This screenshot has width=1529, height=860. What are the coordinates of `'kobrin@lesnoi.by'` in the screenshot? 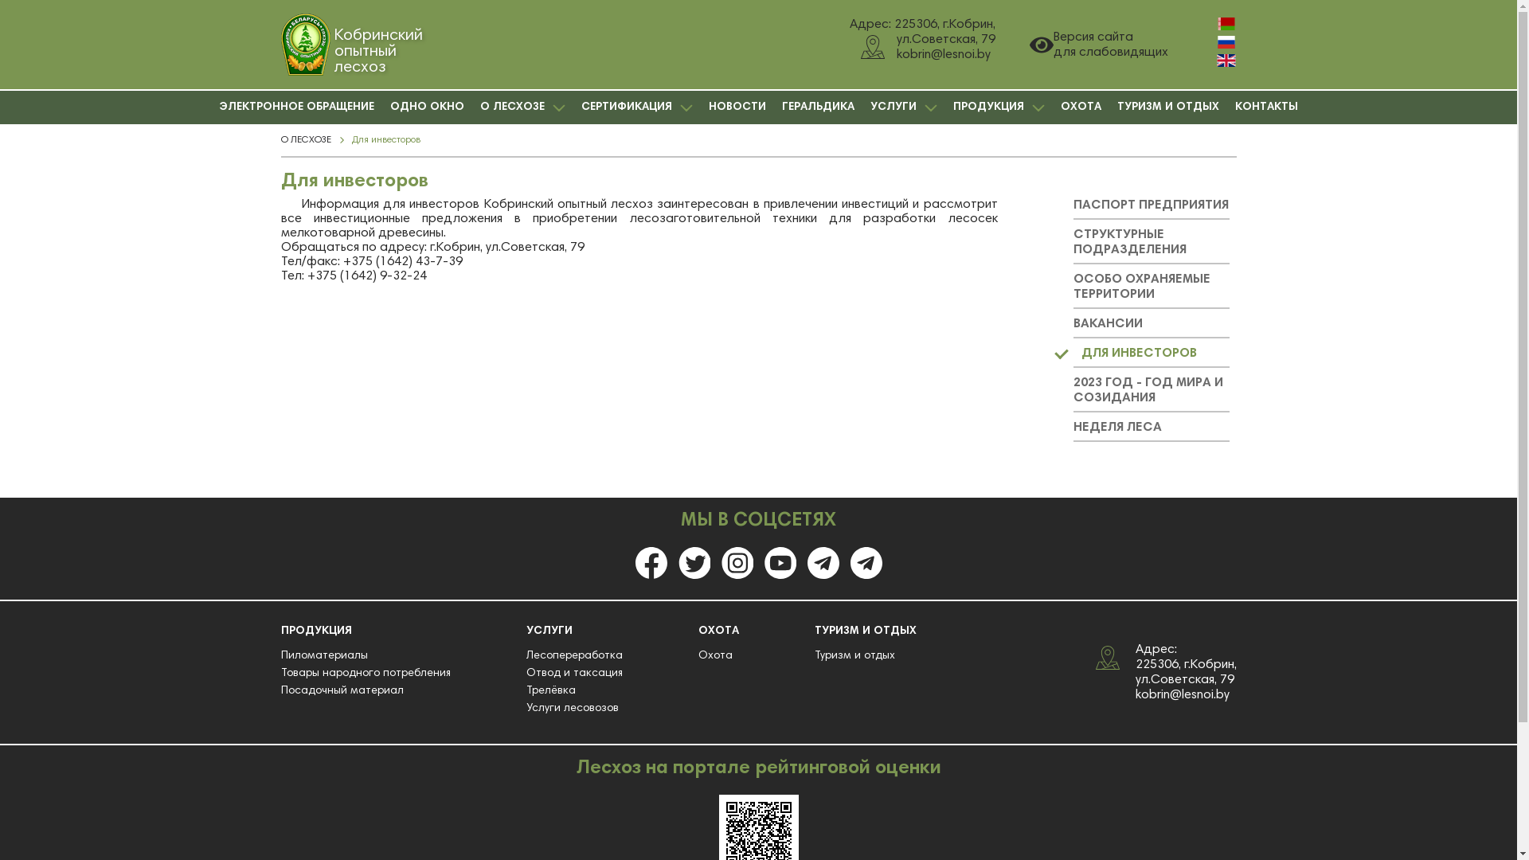 It's located at (1182, 693).